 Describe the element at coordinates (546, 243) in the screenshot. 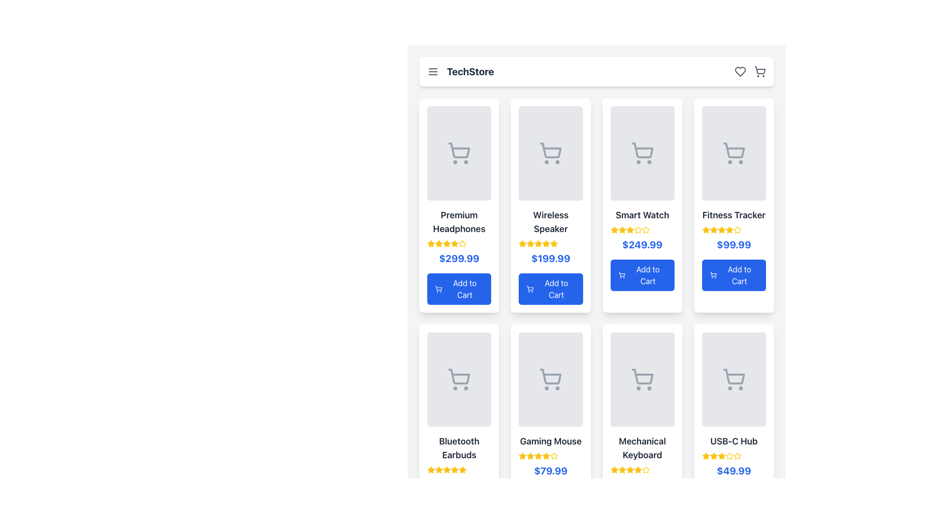

I see `the yellow star-shaped icon representing the first star in the 5-star rating component of the 'Wireless Speaker' product card` at that location.